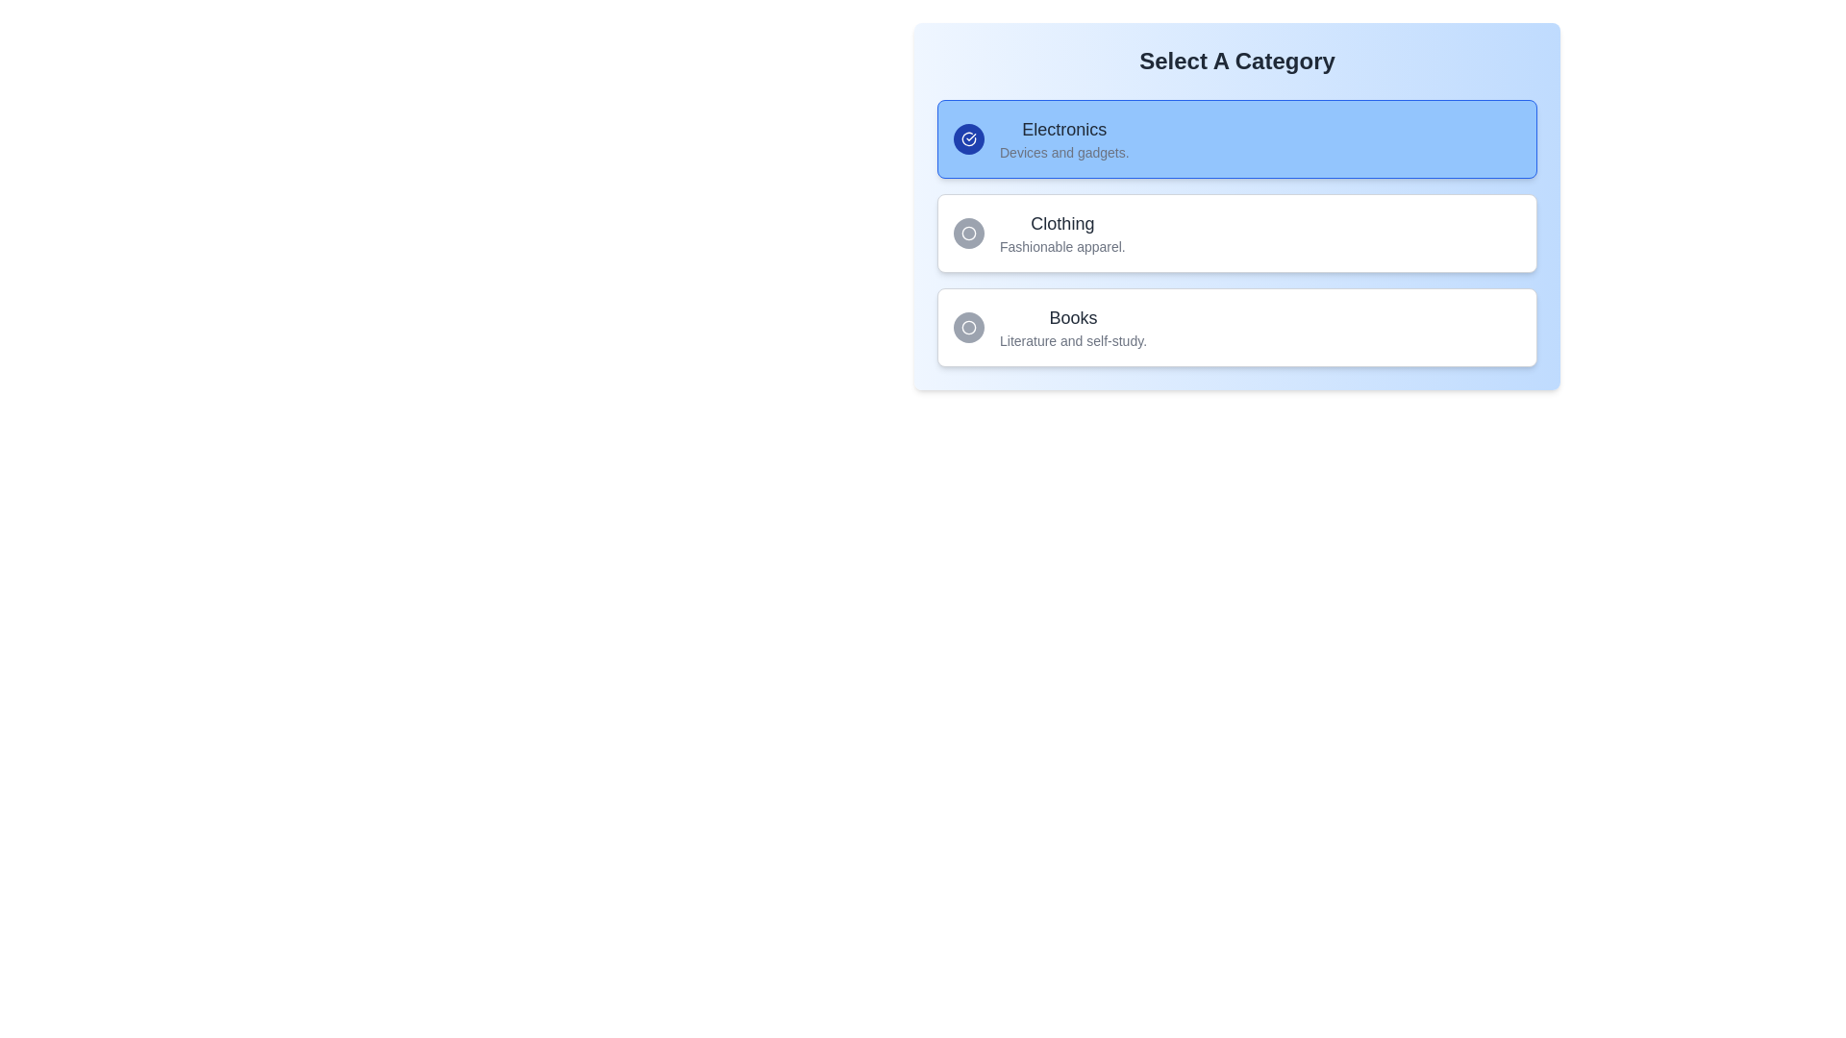 Image resolution: width=1846 pixels, height=1038 pixels. Describe the element at coordinates (969, 233) in the screenshot. I see `the circular icon with a hollow center located in the 'Clothing' category` at that location.